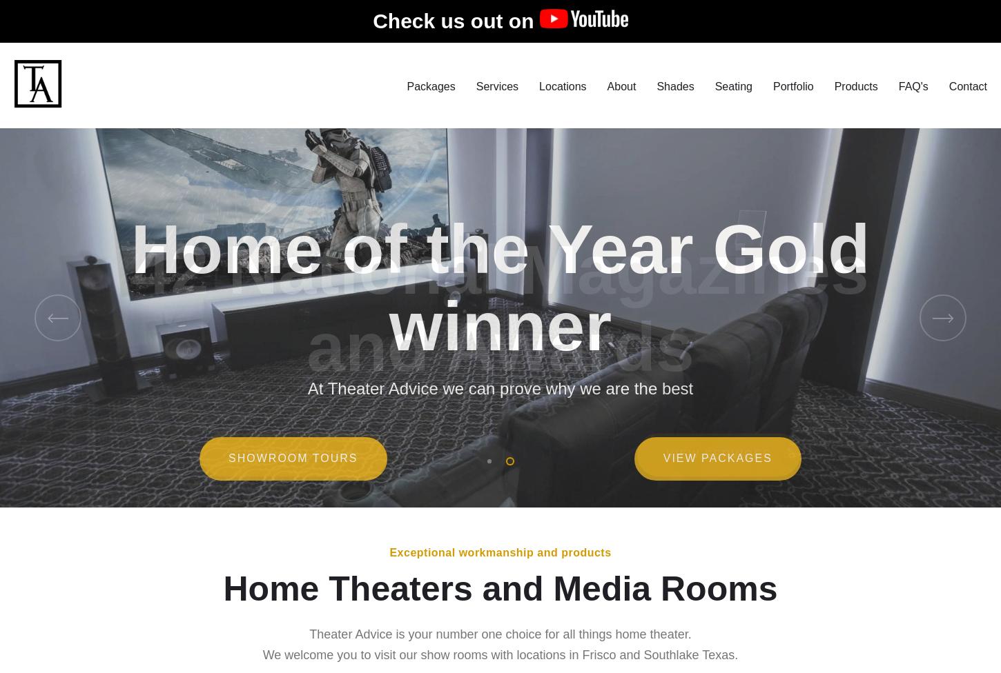 The width and height of the screenshot is (1001, 673). Describe the element at coordinates (627, 136) in the screenshot. I see `'Our Story'` at that location.